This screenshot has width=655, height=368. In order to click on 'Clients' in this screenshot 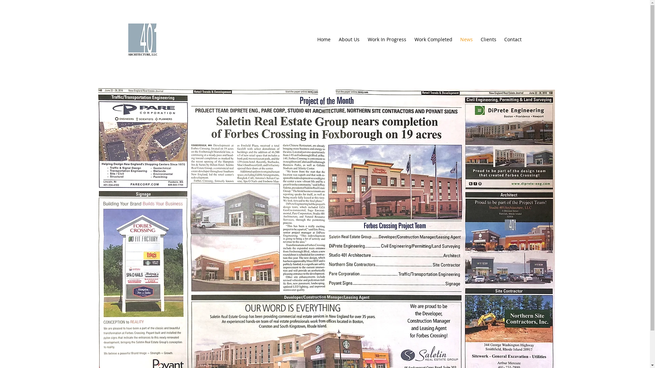, I will do `click(487, 39)`.